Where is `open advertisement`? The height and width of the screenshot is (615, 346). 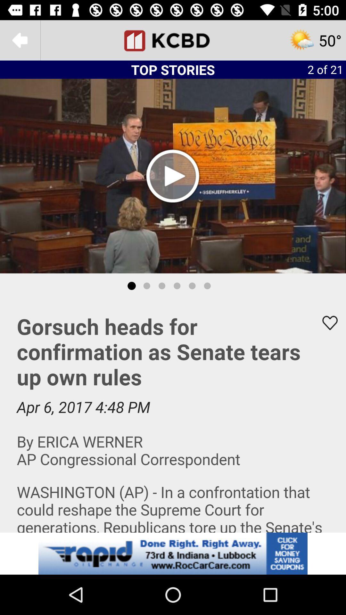 open advertisement is located at coordinates (173, 553).